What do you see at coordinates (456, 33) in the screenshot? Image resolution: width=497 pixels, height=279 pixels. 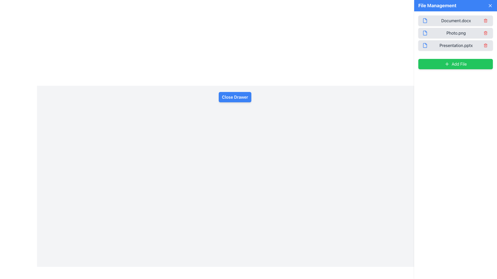 I see `the text label displaying 'Photo.png', which is styled with a gray font and is the second item in a horizontal list within the 'File Management' interface` at bounding box center [456, 33].